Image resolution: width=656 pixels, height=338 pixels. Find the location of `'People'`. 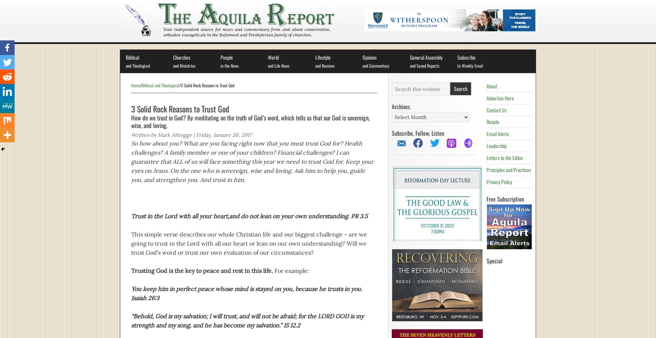

'People' is located at coordinates (227, 57).